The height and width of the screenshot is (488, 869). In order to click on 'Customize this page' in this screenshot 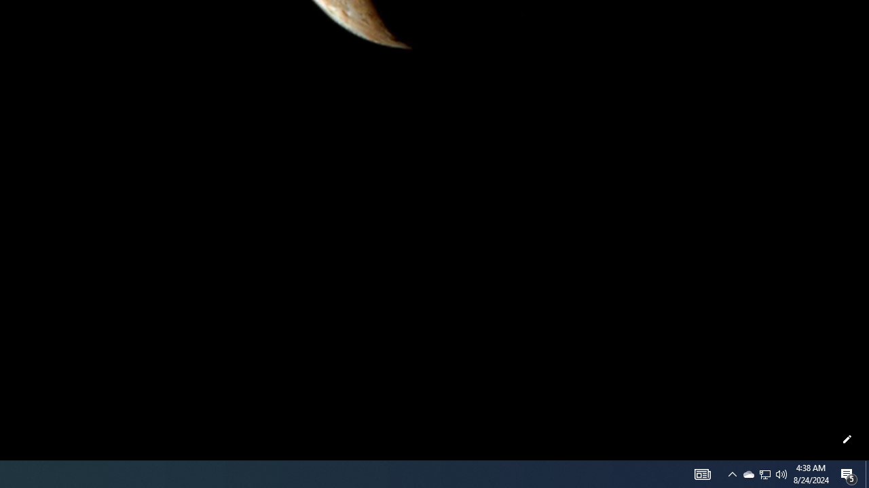, I will do `click(847, 439)`.